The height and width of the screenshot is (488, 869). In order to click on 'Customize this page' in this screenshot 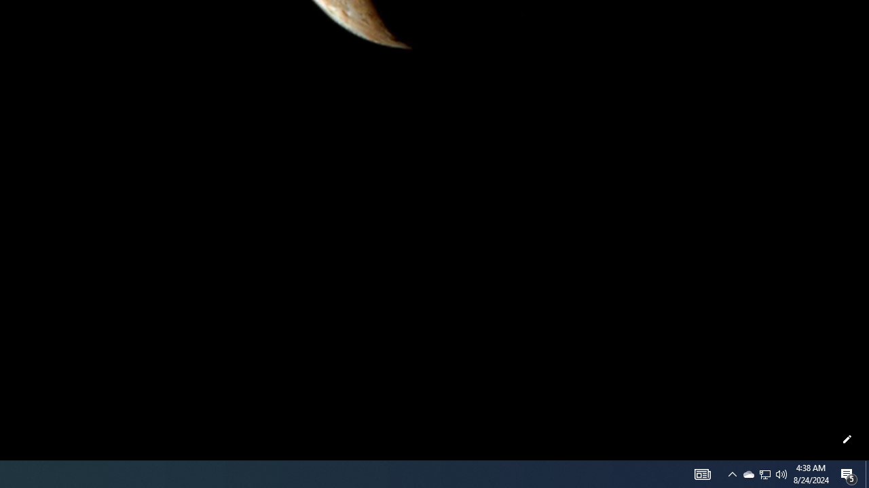, I will do `click(847, 439)`.